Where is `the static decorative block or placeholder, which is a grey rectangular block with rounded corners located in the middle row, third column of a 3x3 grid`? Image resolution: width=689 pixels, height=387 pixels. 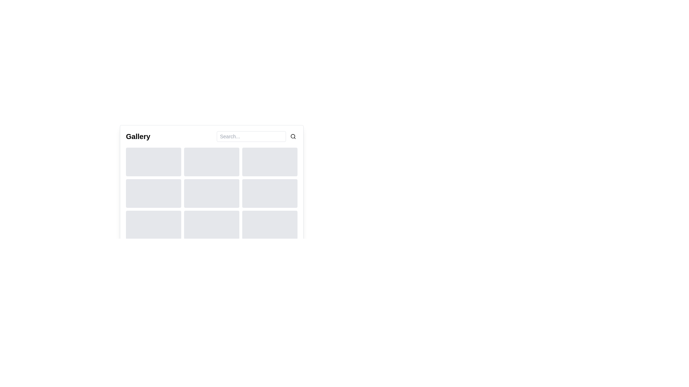
the static decorative block or placeholder, which is a grey rectangular block with rounded corners located in the middle row, third column of a 3x3 grid is located at coordinates (269, 193).